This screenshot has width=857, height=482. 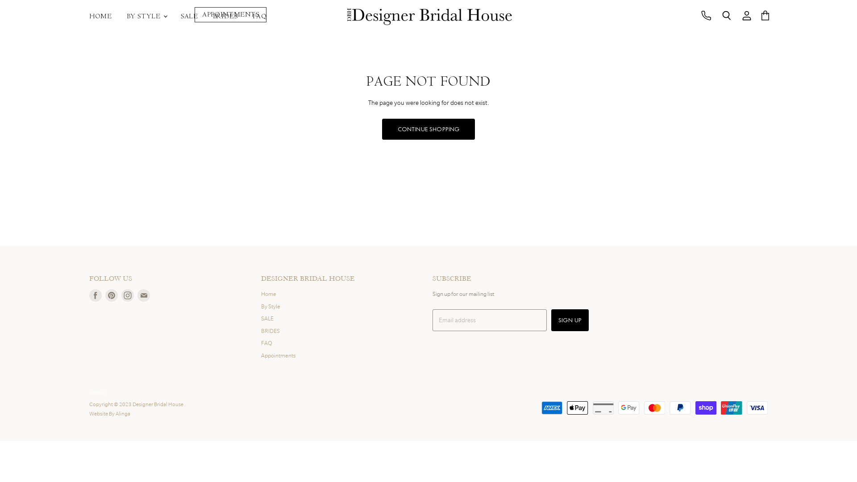 I want to click on 'FAQ', so click(x=259, y=16).